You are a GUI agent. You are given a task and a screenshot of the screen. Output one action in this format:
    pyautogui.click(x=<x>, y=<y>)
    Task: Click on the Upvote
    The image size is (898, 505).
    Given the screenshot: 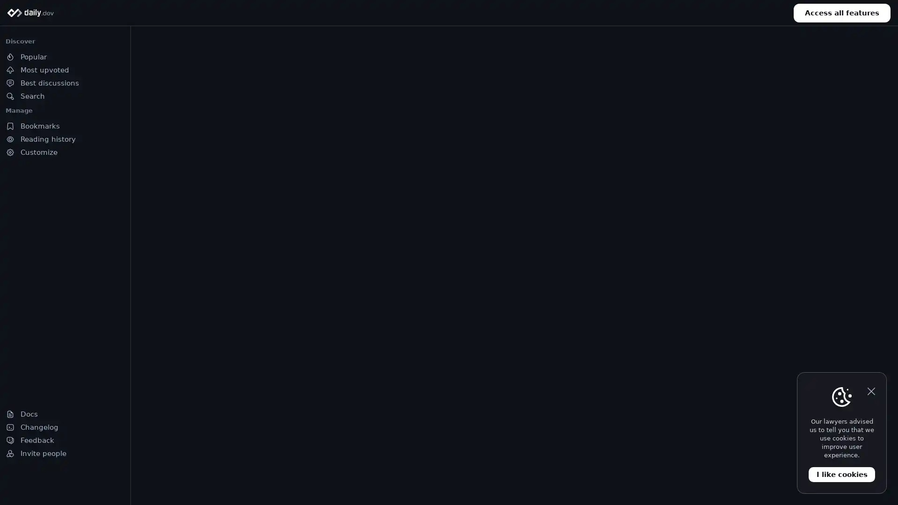 What is the action you would take?
    pyautogui.click(x=378, y=261)
    